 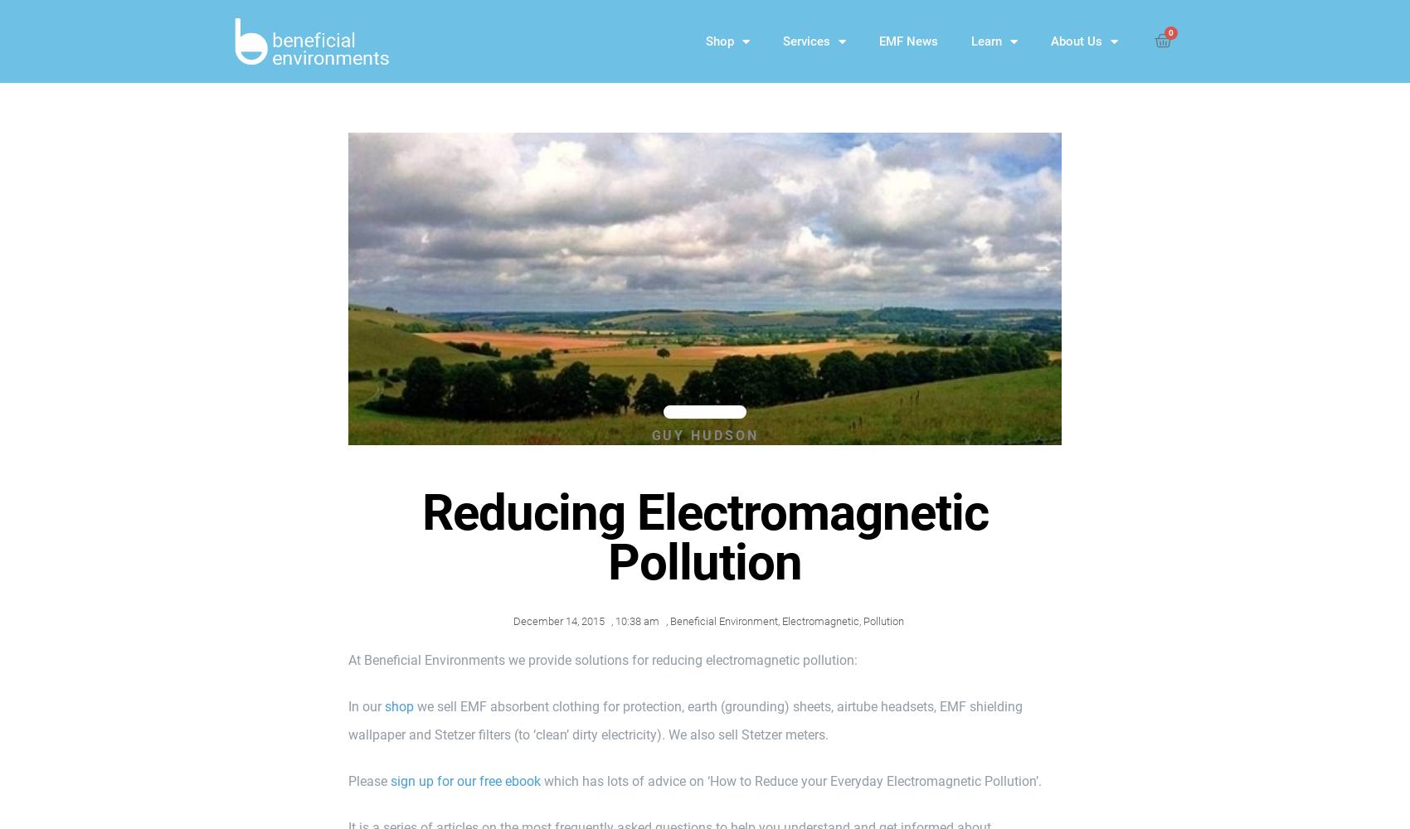 What do you see at coordinates (722, 619) in the screenshot?
I see `'Beneficial Environment'` at bounding box center [722, 619].